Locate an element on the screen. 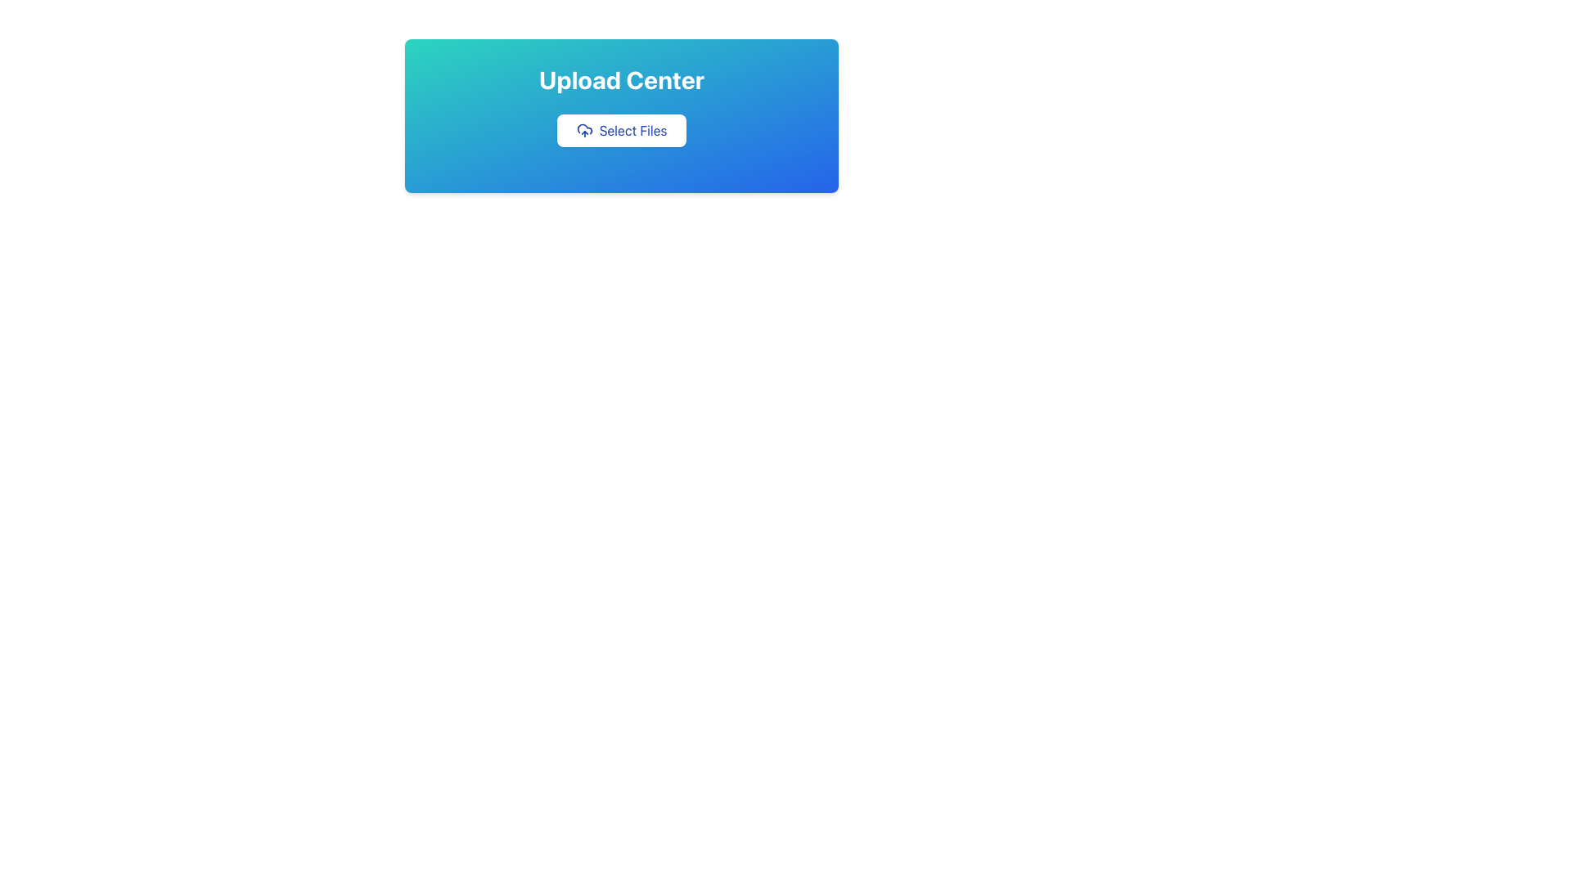 The height and width of the screenshot is (883, 1571). the button located directly below the 'Upload Center' label is located at coordinates (620, 129).